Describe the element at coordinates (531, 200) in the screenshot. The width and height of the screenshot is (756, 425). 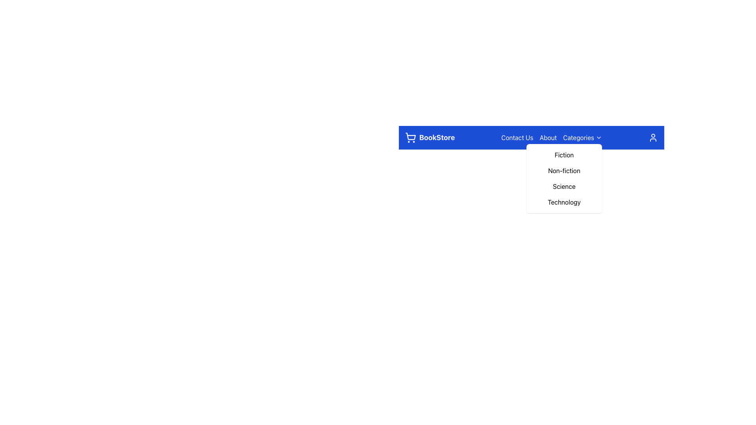
I see `the 'Technology' option in the dropdown menu under the 'Categories' button, which is a white dropdown menu displaying options vertically` at that location.